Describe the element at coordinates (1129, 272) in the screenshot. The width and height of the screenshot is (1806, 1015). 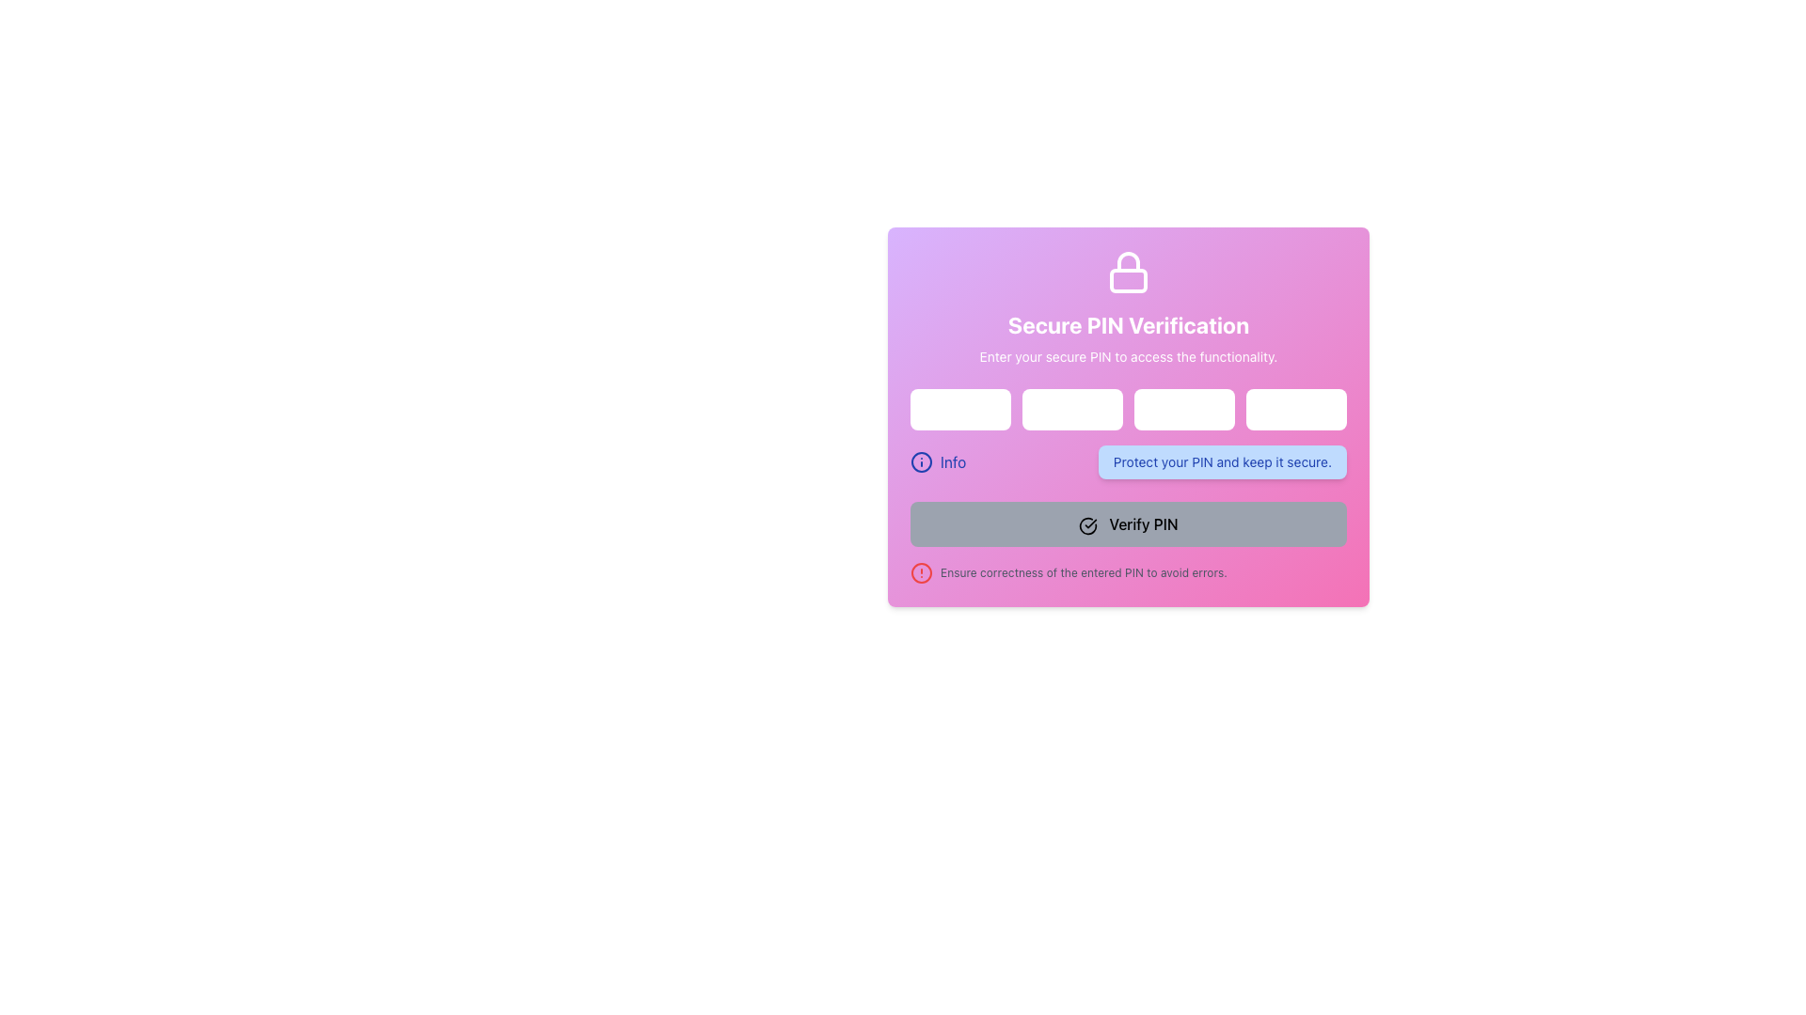
I see `the security icon that represents securing sensitive information, which is located above the text 'Secure PIN Verification'` at that location.